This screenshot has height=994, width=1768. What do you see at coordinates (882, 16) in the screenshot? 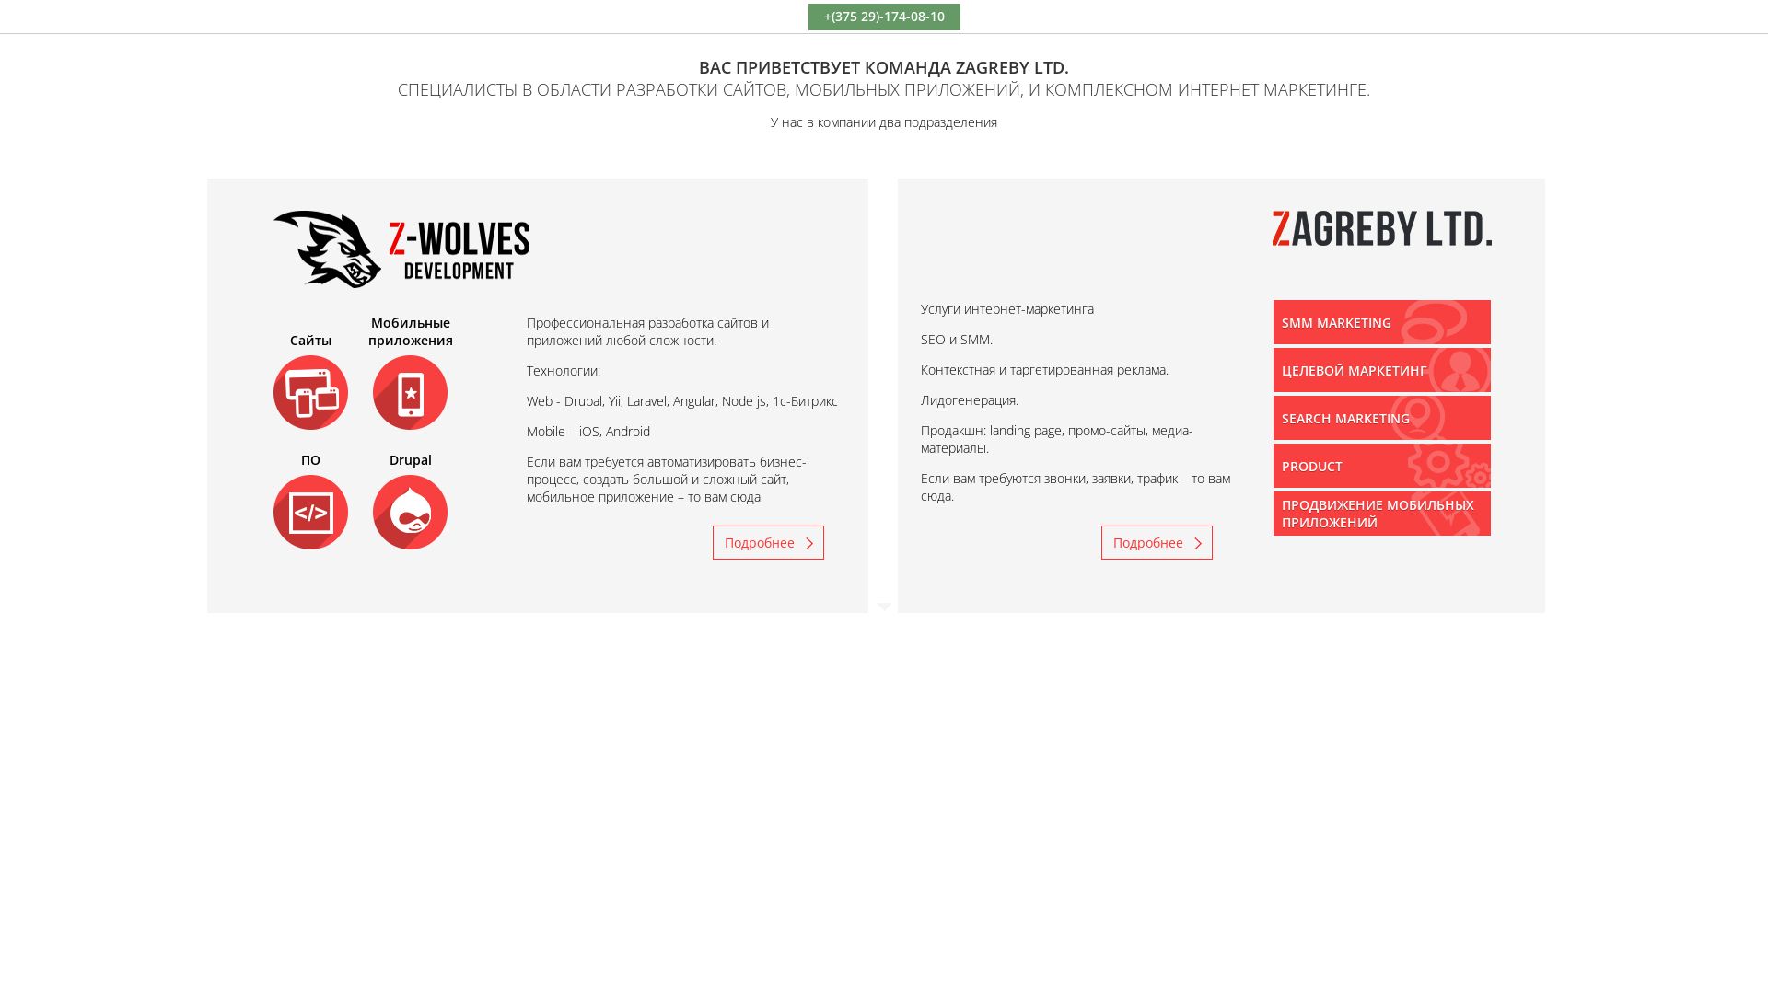
I see `'+(375 29)-174-08-10'` at bounding box center [882, 16].